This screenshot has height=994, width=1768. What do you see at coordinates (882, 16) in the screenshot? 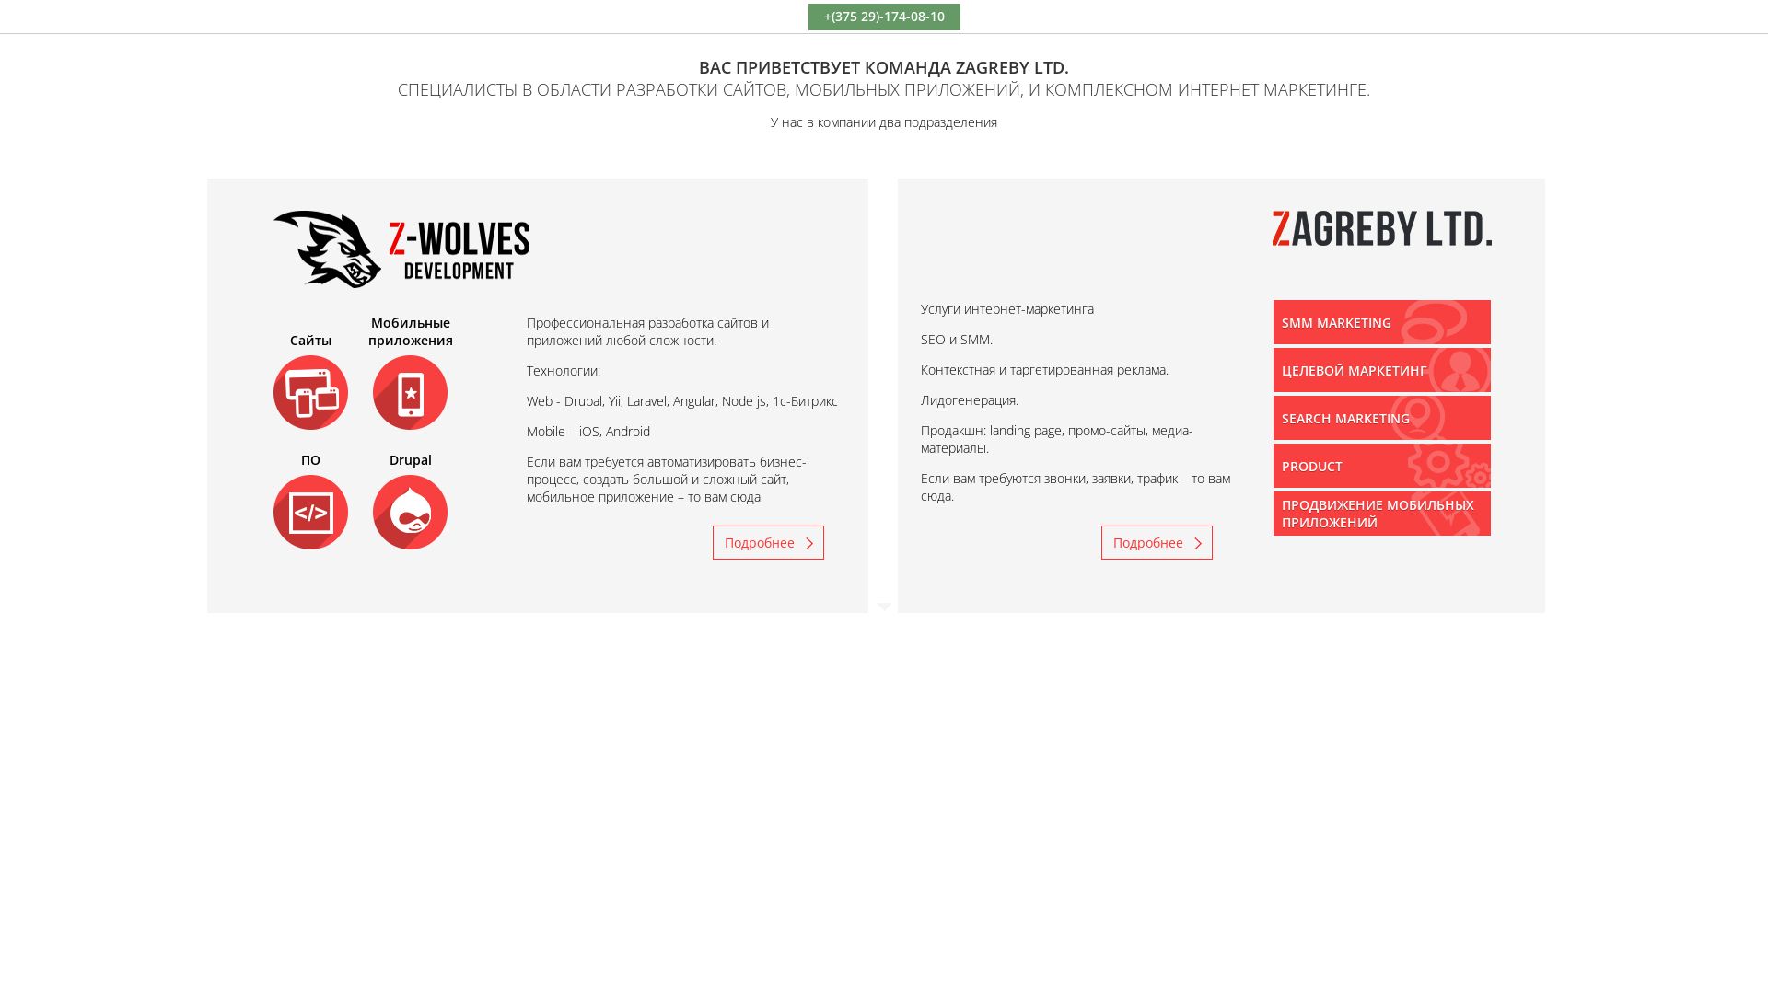
I see `'+(375 29)-174-08-10'` at bounding box center [882, 16].